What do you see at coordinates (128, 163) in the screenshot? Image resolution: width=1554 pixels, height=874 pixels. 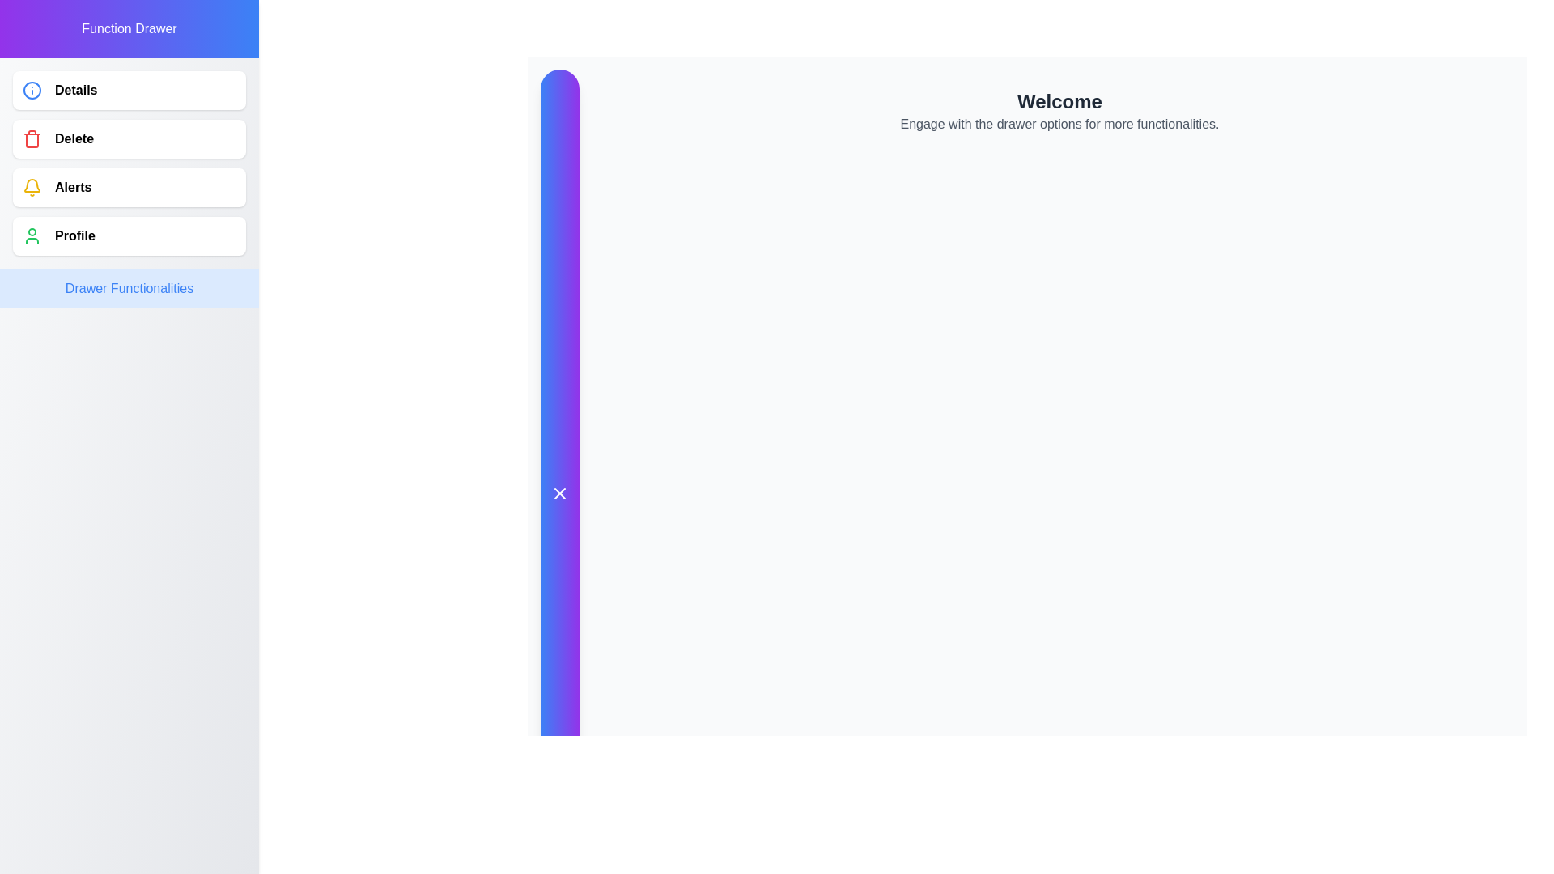 I see `the 'Delete' option, which is the second list item in the vertical list located in the left sidebar, positioned below 'Details' and above 'Alerts'` at bounding box center [128, 163].